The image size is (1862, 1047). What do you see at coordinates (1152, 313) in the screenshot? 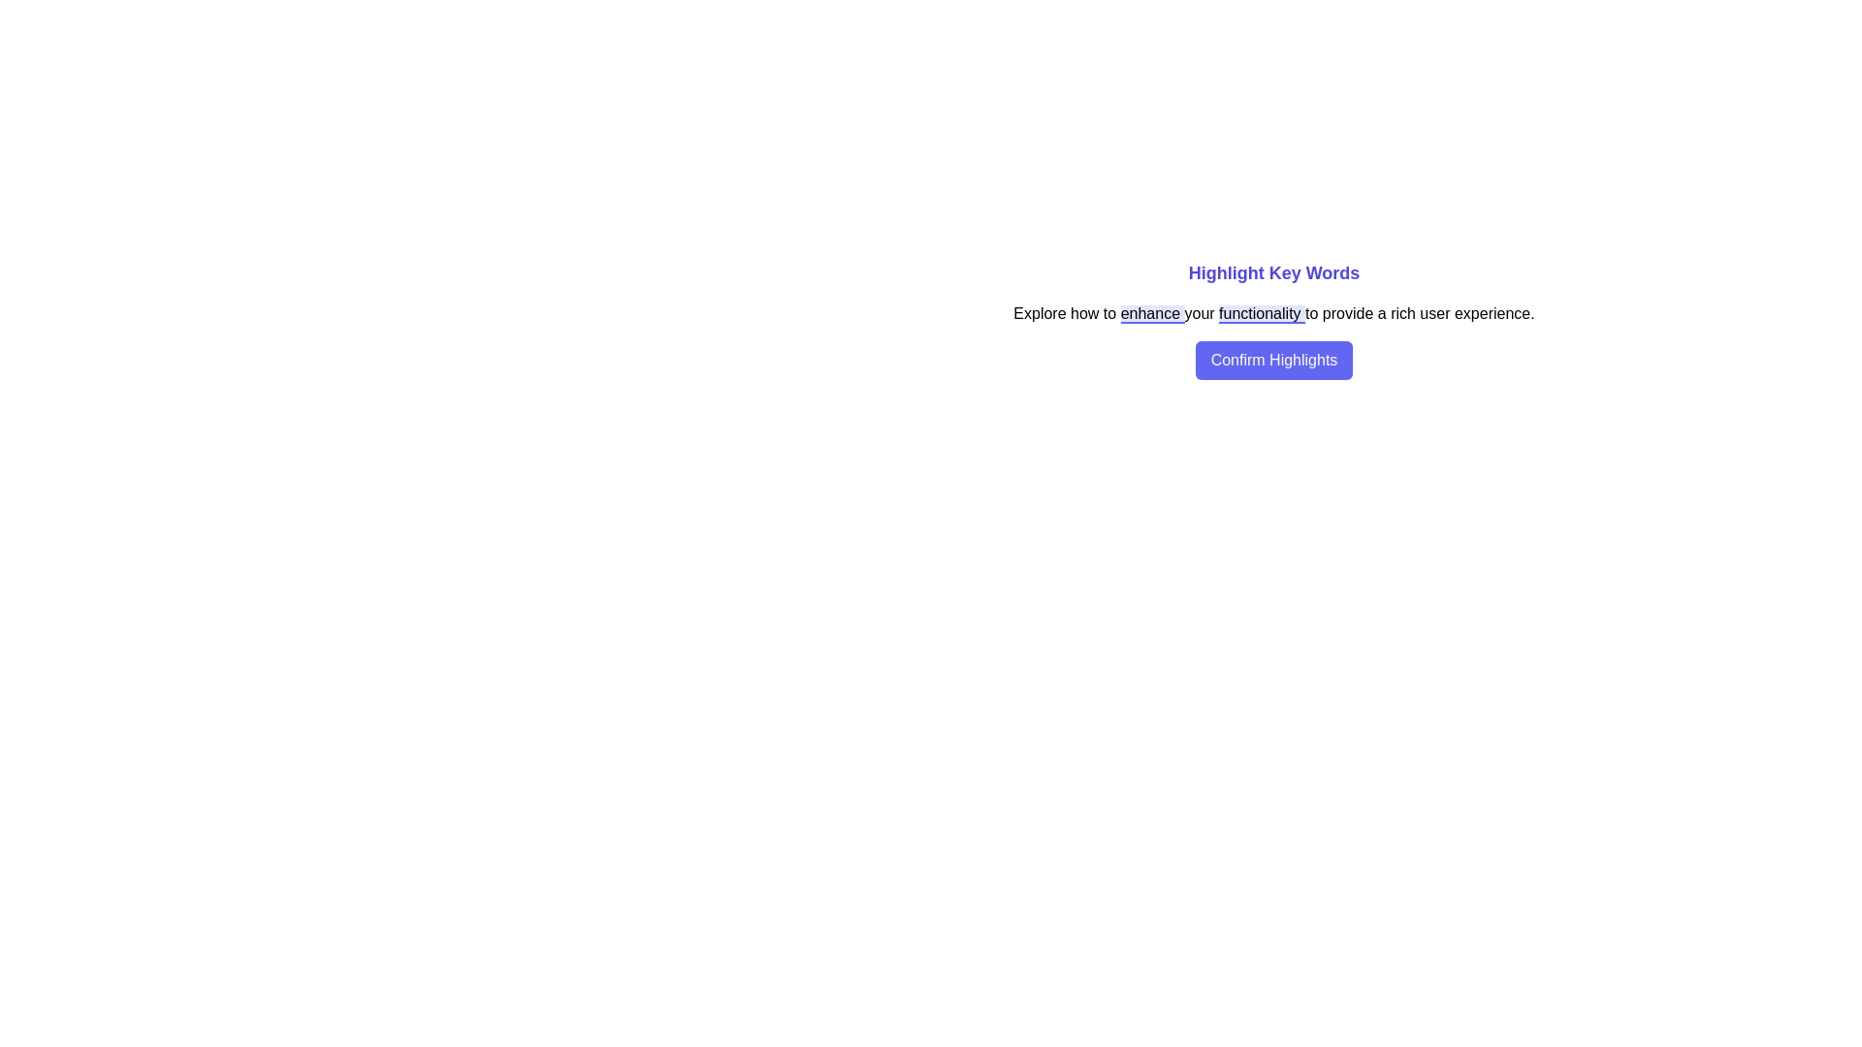
I see `the text element containing the word 'enhance'` at bounding box center [1152, 313].